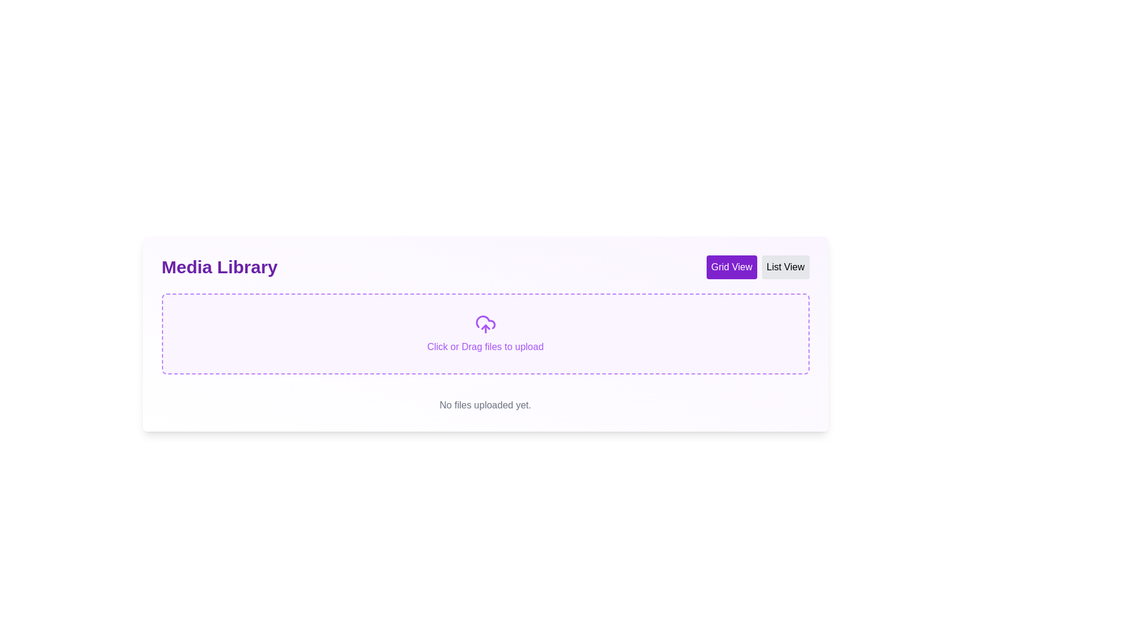  Describe the element at coordinates (220, 266) in the screenshot. I see `text from the Text Label at the top-left corner of the media library interface, which serves as a heading for the section` at that location.